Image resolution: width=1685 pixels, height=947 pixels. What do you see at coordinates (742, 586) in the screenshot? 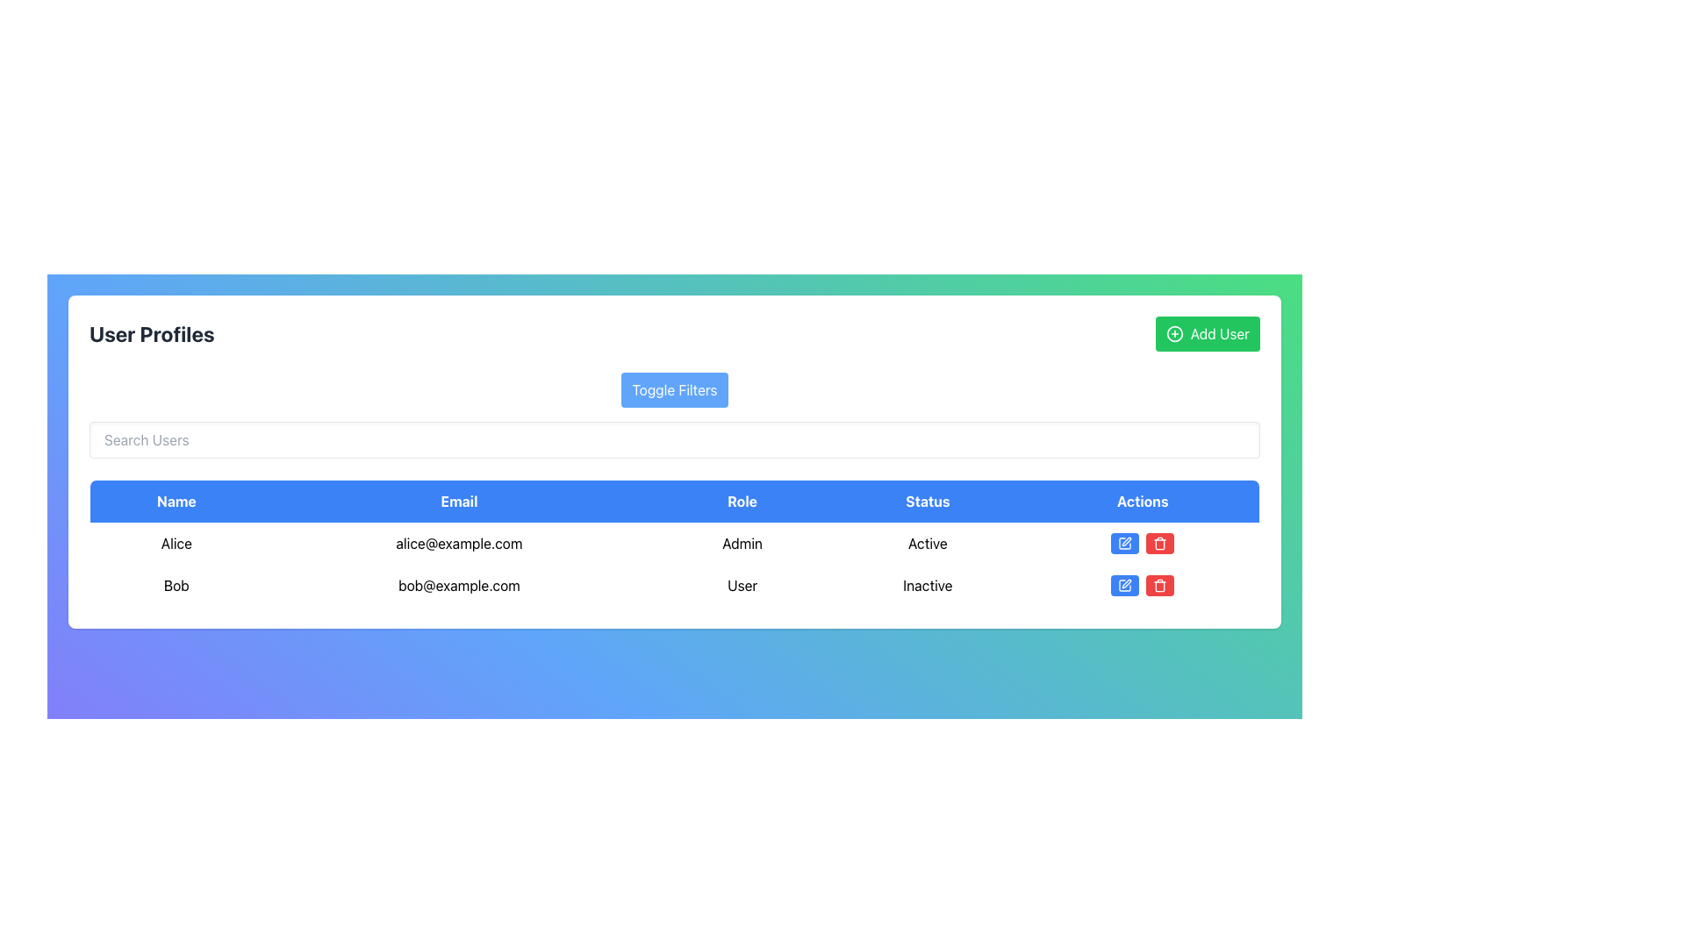
I see `the text label 'User' in the Role column of the second row in the user data table` at bounding box center [742, 586].